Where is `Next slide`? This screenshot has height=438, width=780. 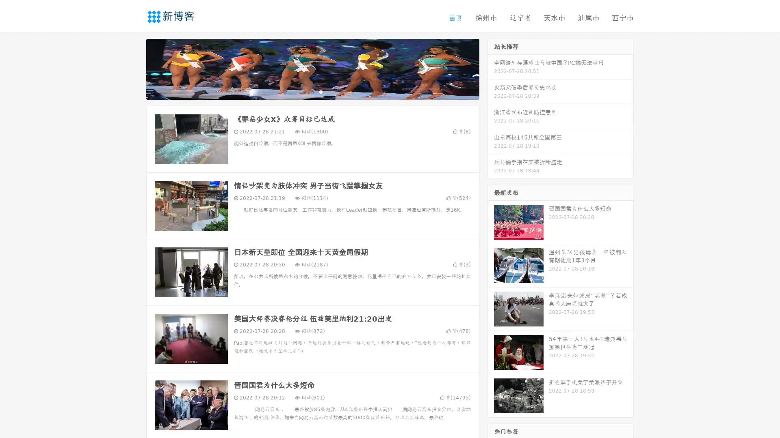 Next slide is located at coordinates (491, 68).